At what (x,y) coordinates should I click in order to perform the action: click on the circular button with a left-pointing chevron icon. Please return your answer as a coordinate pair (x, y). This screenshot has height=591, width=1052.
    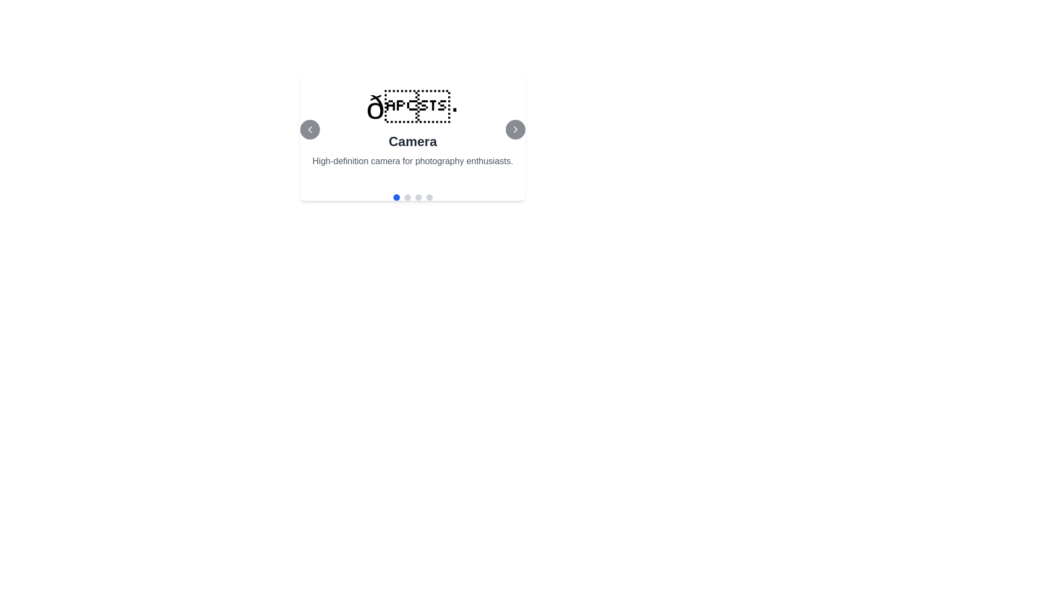
    Looking at the image, I should click on (310, 129).